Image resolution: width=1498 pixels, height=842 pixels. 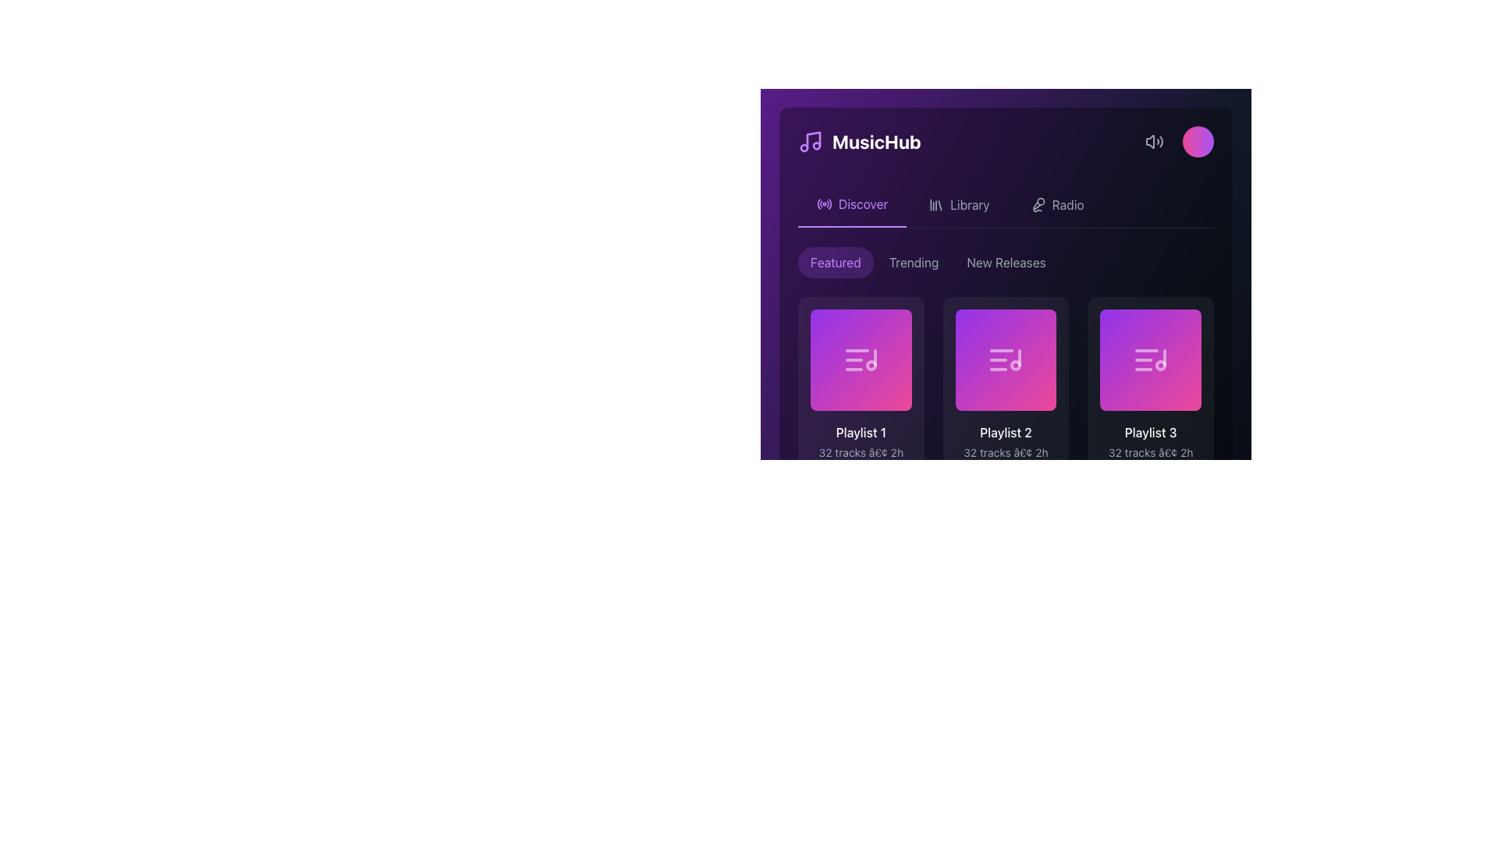 What do you see at coordinates (860, 459) in the screenshot?
I see `the text label displaying '32 tracks • 2h 15m', which is styled in gray and positioned below the title 'Playlist 1'` at bounding box center [860, 459].